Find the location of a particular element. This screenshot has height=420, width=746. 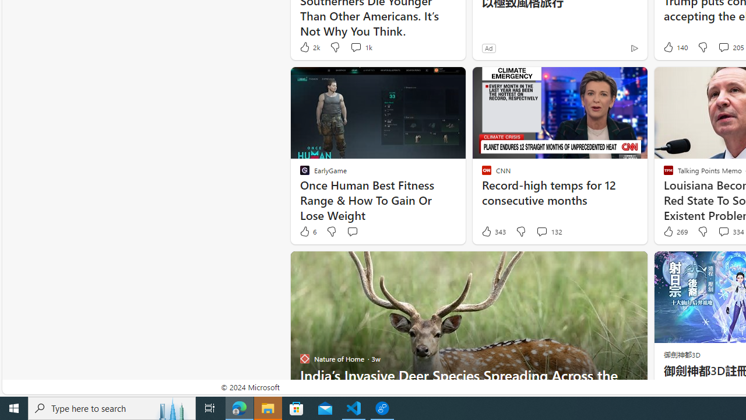

'View comments 132 Comment' is located at coordinates (541, 232).